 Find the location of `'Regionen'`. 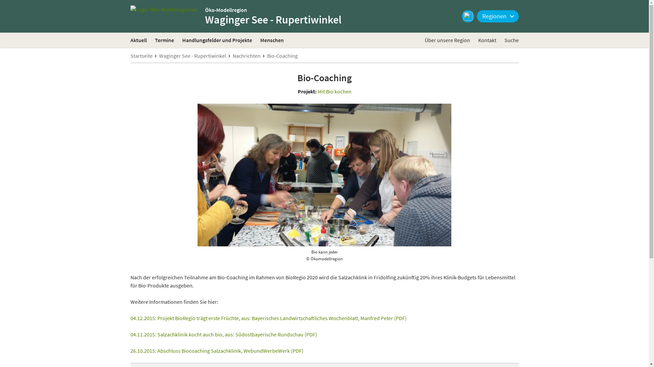

'Regionen' is located at coordinates (498, 16).